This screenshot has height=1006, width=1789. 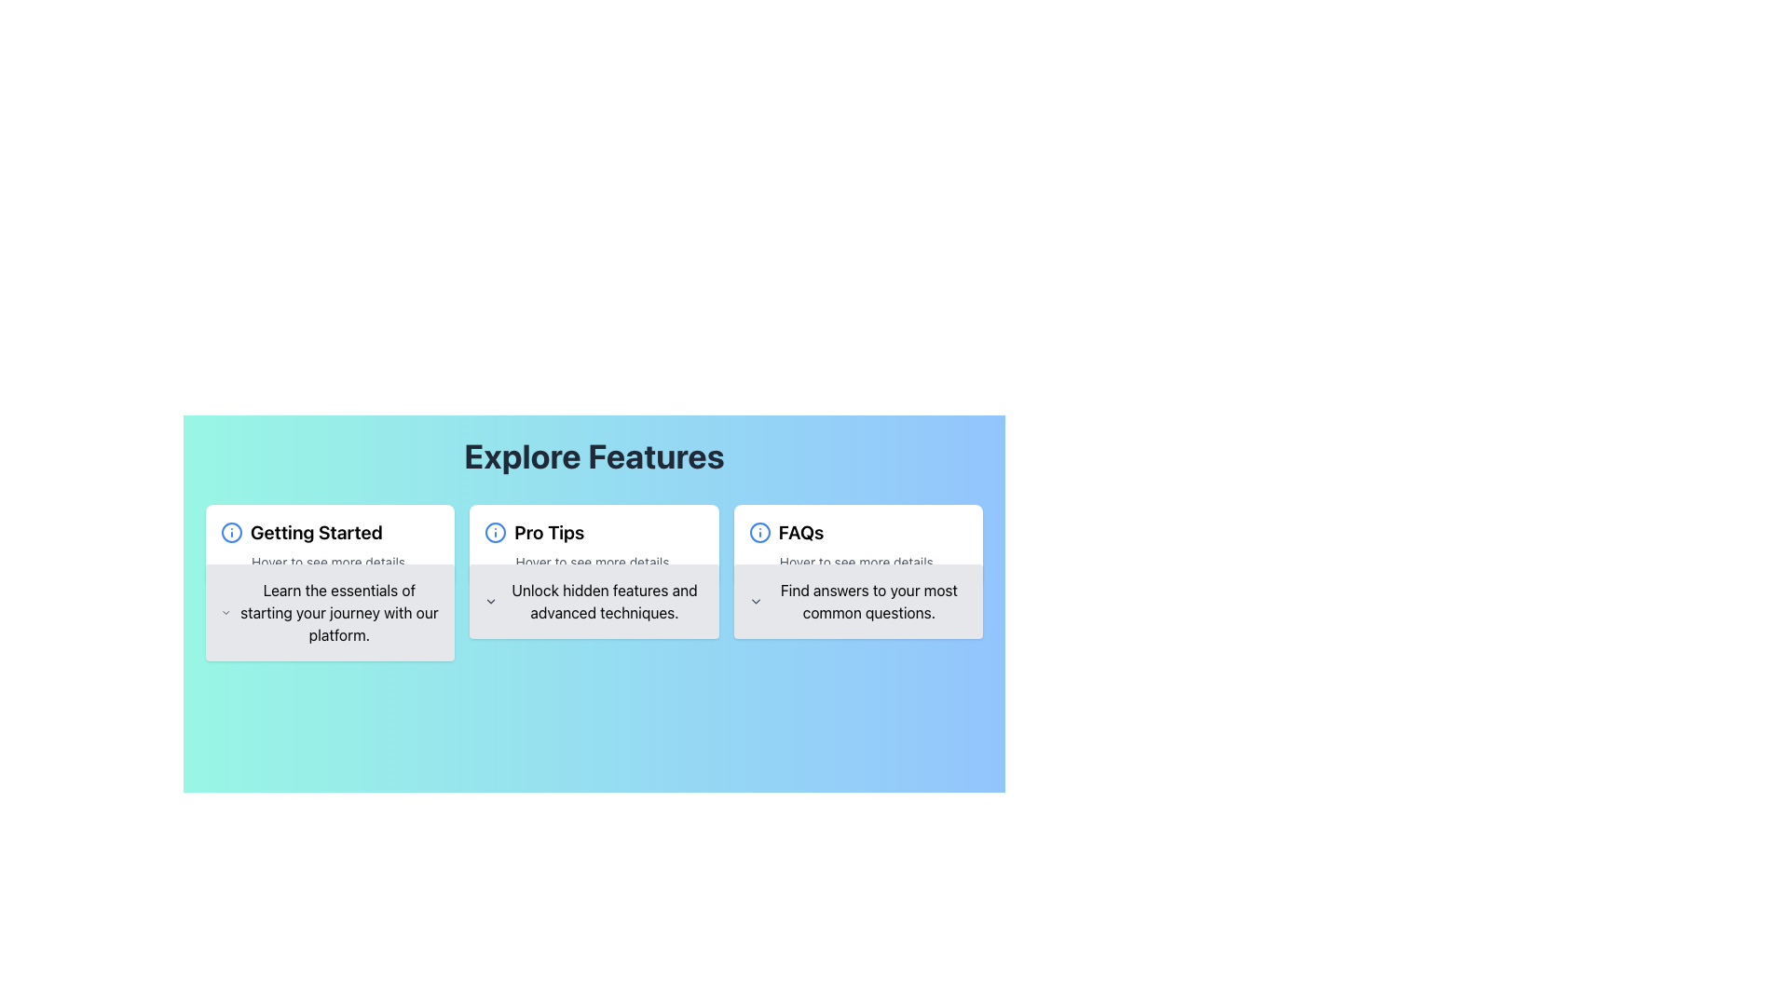 I want to click on text content of the 'Pro Tips' text label, which is bold and large, located in the rightmost card under the 'Explore Features' section, next to an information icon, so click(x=548, y=532).